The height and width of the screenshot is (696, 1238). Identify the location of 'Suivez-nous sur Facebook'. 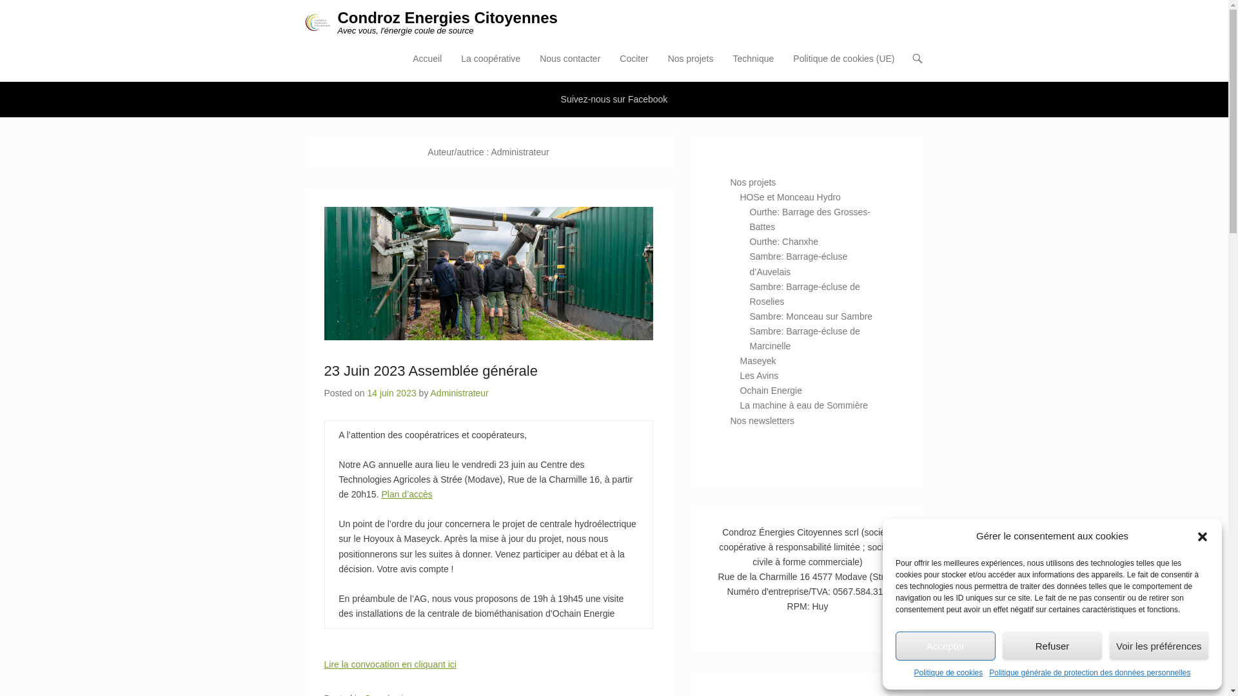
(614, 99).